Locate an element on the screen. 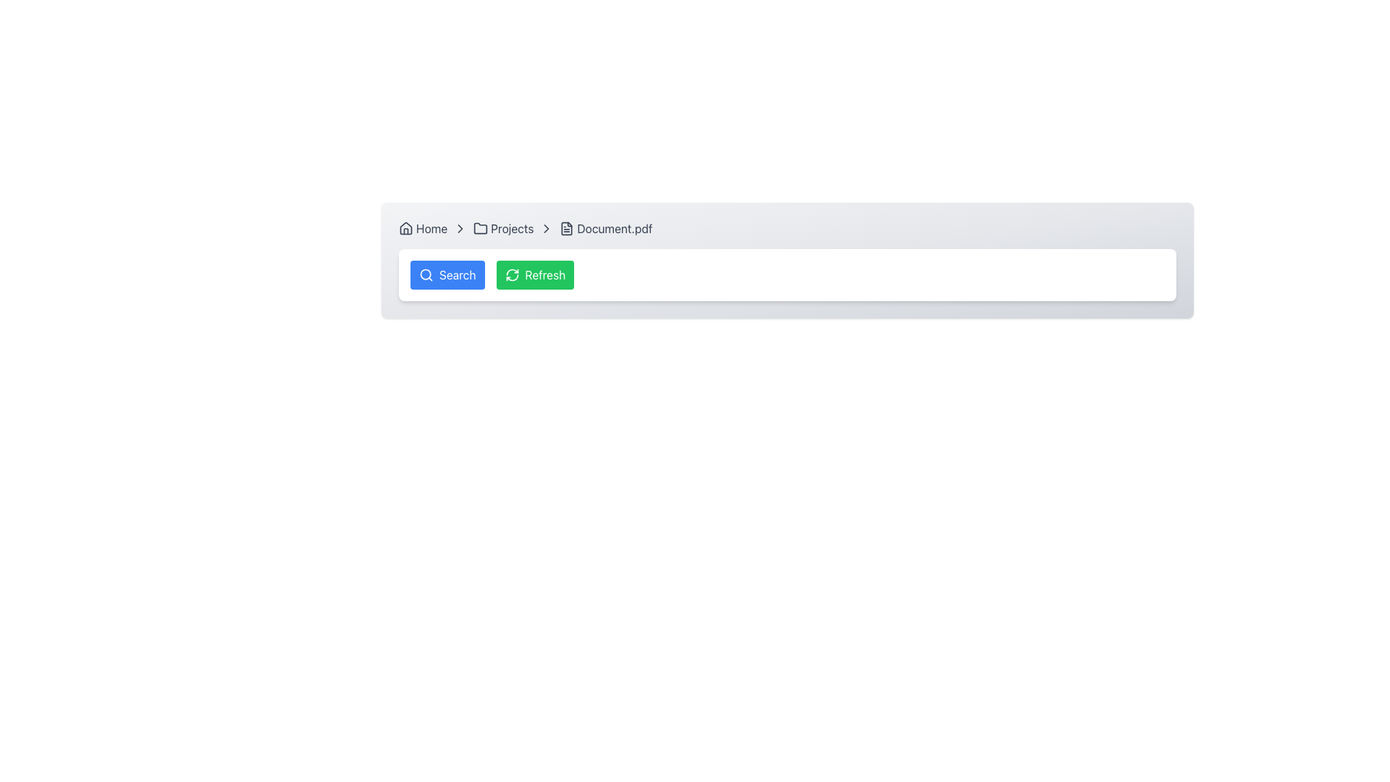 Image resolution: width=1390 pixels, height=782 pixels. the chevron icon in the breadcrumb navigation bar that separates 'Home' and 'Projects' is located at coordinates (460, 228).